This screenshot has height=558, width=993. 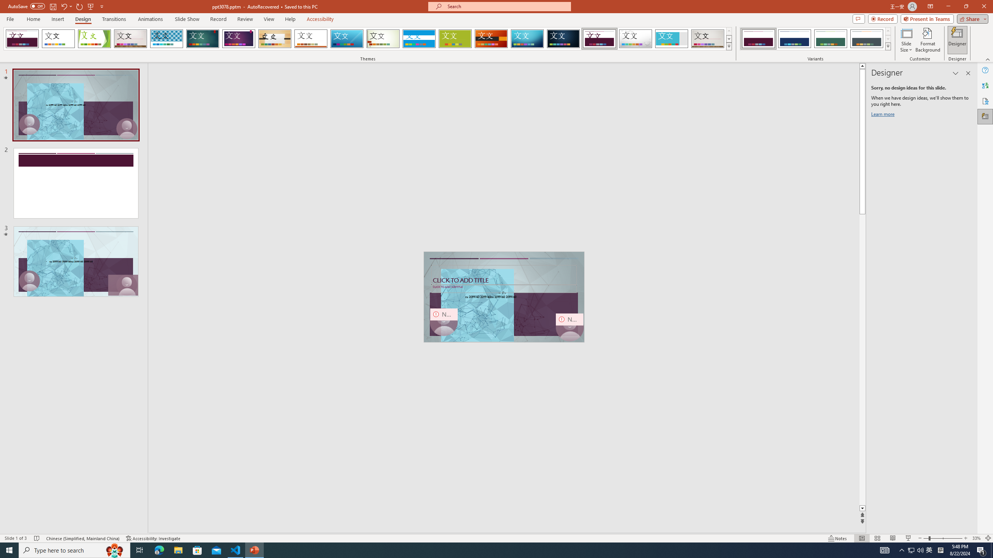 What do you see at coordinates (245, 19) in the screenshot?
I see `'Review'` at bounding box center [245, 19].